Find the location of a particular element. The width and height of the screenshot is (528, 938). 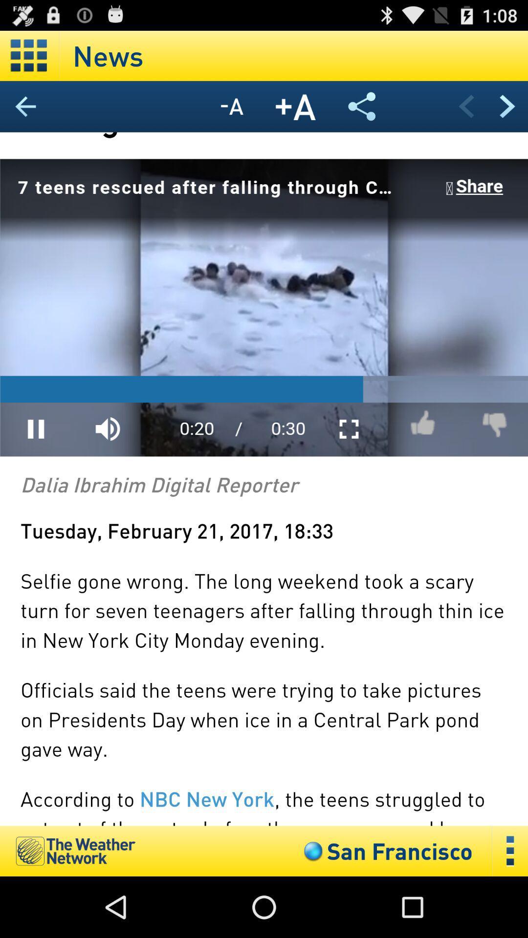

share option is located at coordinates (362, 106).